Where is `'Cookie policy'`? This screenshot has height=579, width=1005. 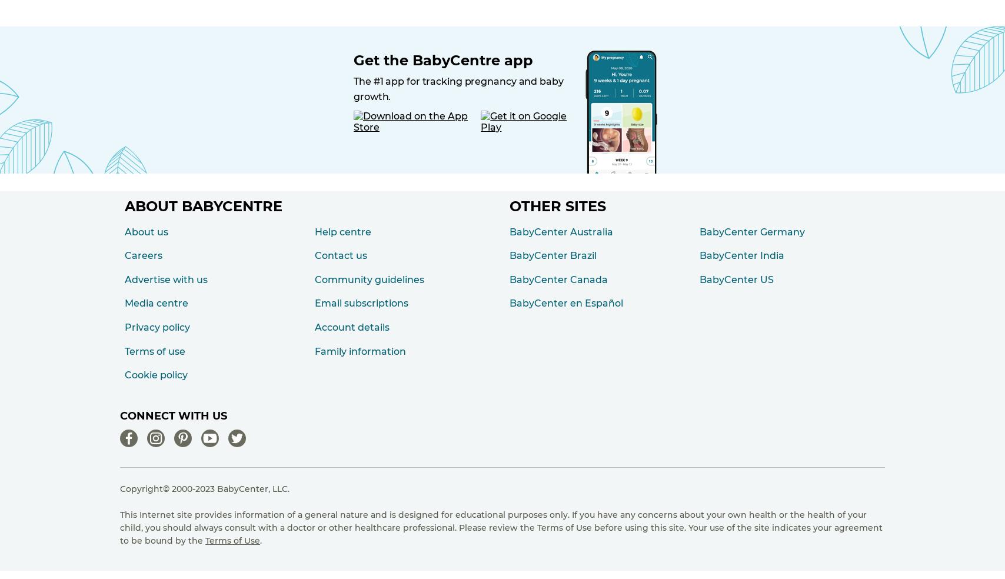 'Cookie policy' is located at coordinates (156, 375).